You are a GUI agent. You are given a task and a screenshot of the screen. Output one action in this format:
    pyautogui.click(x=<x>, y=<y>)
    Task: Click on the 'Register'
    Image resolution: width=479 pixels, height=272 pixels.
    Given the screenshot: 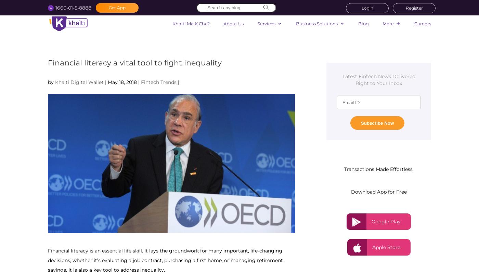 What is the action you would take?
    pyautogui.click(x=405, y=8)
    